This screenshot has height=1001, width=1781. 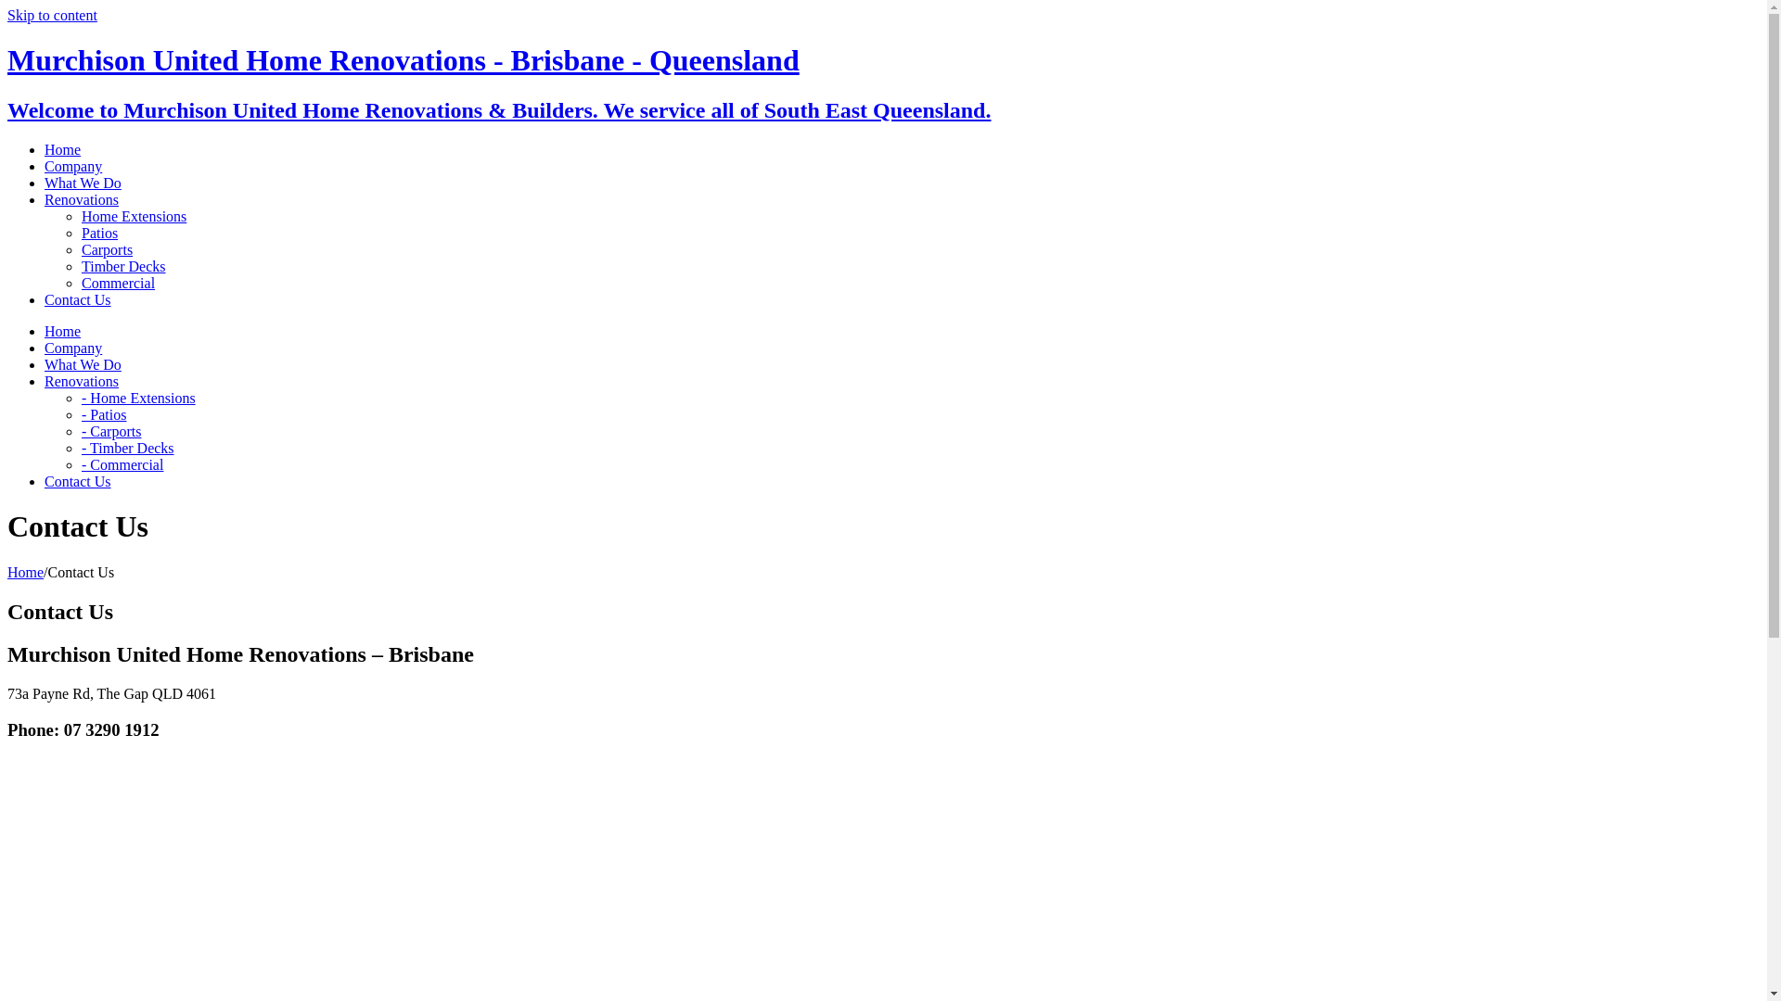 I want to click on 'Carports', so click(x=106, y=248).